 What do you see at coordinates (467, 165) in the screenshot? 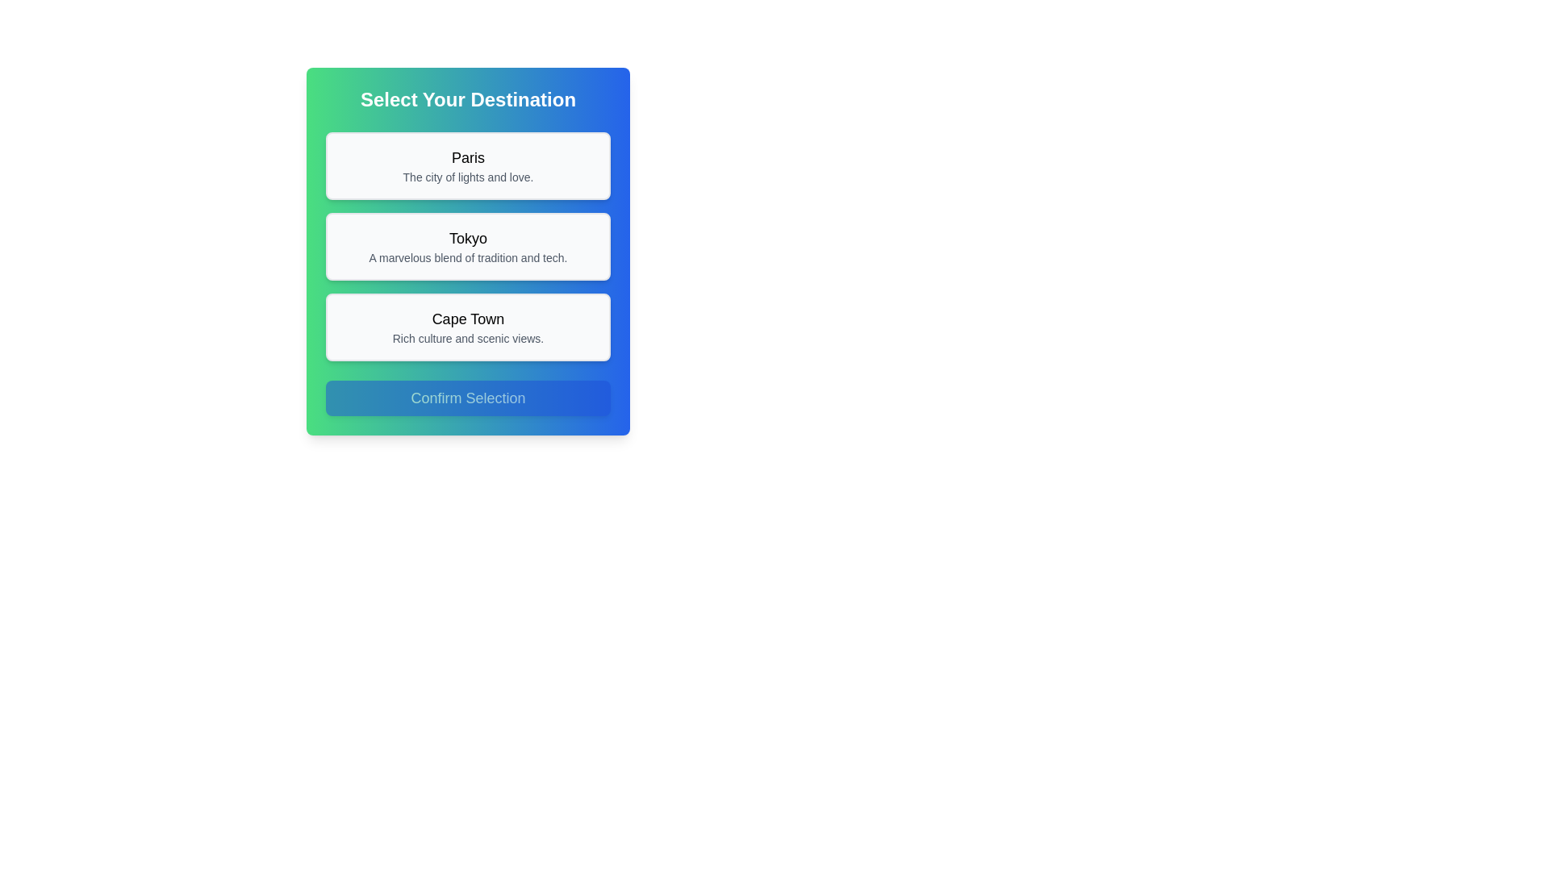
I see `text information block titled 'Paris' which contains the description 'The city of lights and love.'` at bounding box center [467, 165].